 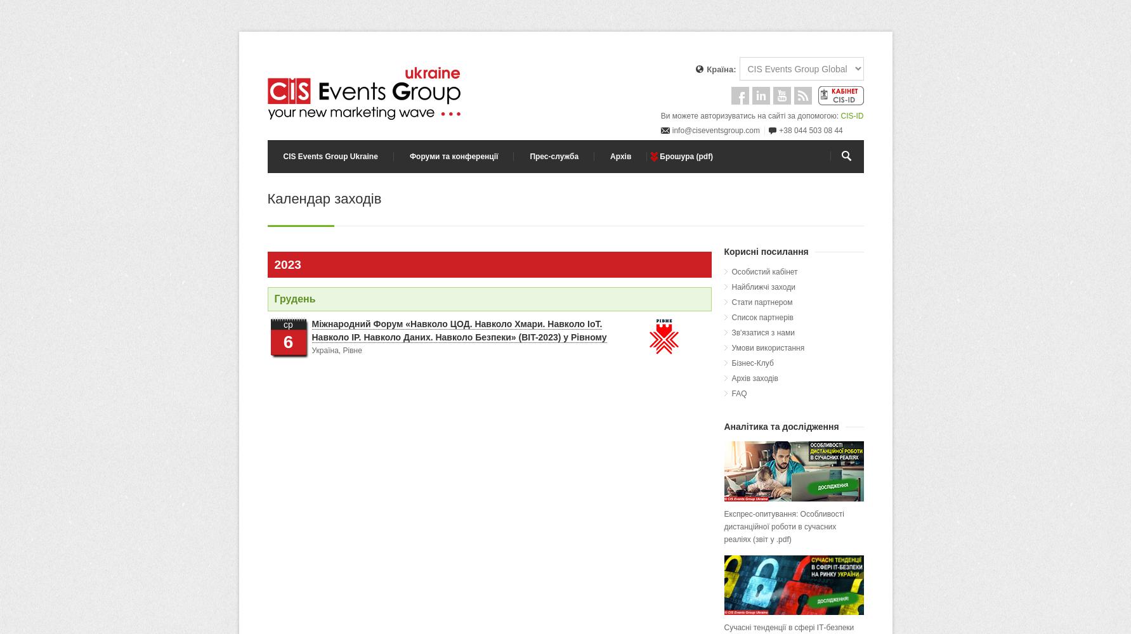 I want to click on 'Країна:', so click(x=721, y=68).